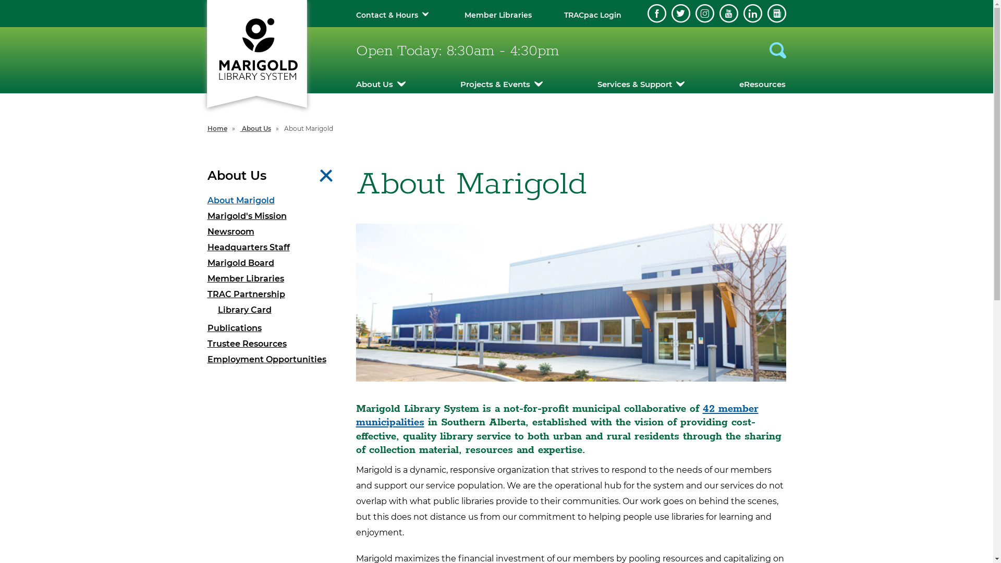  Describe the element at coordinates (671, 14) in the screenshot. I see `'Twitter'` at that location.